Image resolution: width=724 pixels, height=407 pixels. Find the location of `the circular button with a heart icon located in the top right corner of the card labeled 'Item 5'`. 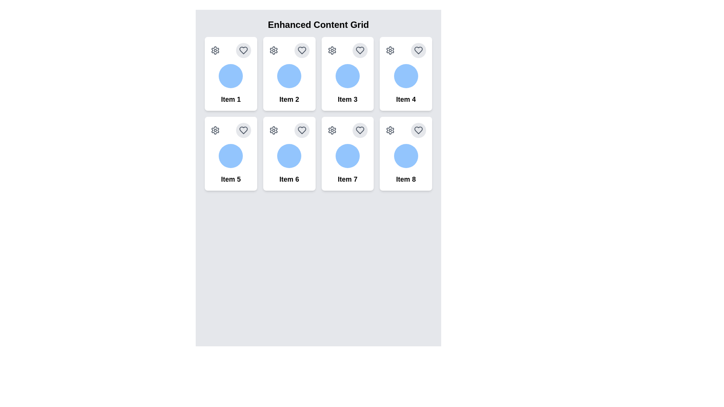

the circular button with a heart icon located in the top right corner of the card labeled 'Item 5' is located at coordinates (243, 130).